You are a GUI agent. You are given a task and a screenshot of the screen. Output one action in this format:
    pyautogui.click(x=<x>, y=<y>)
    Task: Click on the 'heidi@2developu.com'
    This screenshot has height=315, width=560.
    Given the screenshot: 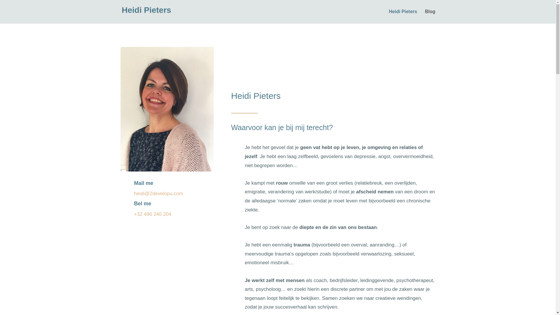 What is the action you would take?
    pyautogui.click(x=158, y=193)
    